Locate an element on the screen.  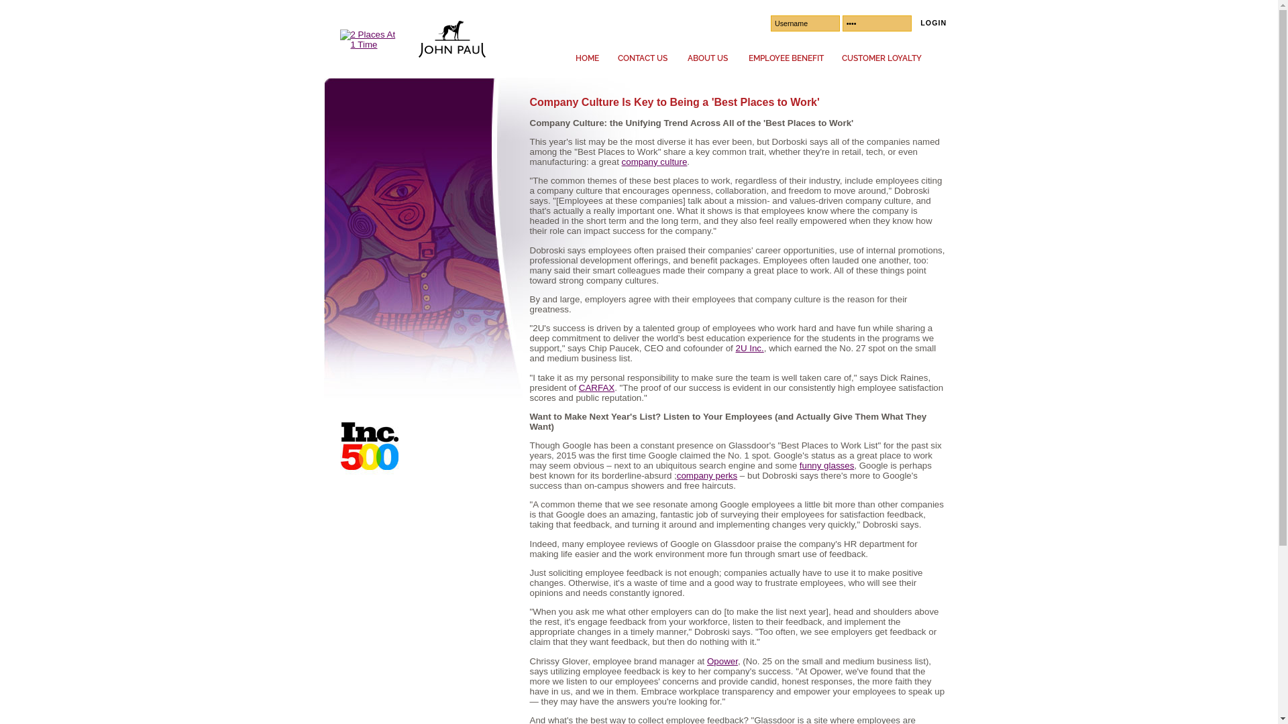
'company perks' is located at coordinates (706, 475).